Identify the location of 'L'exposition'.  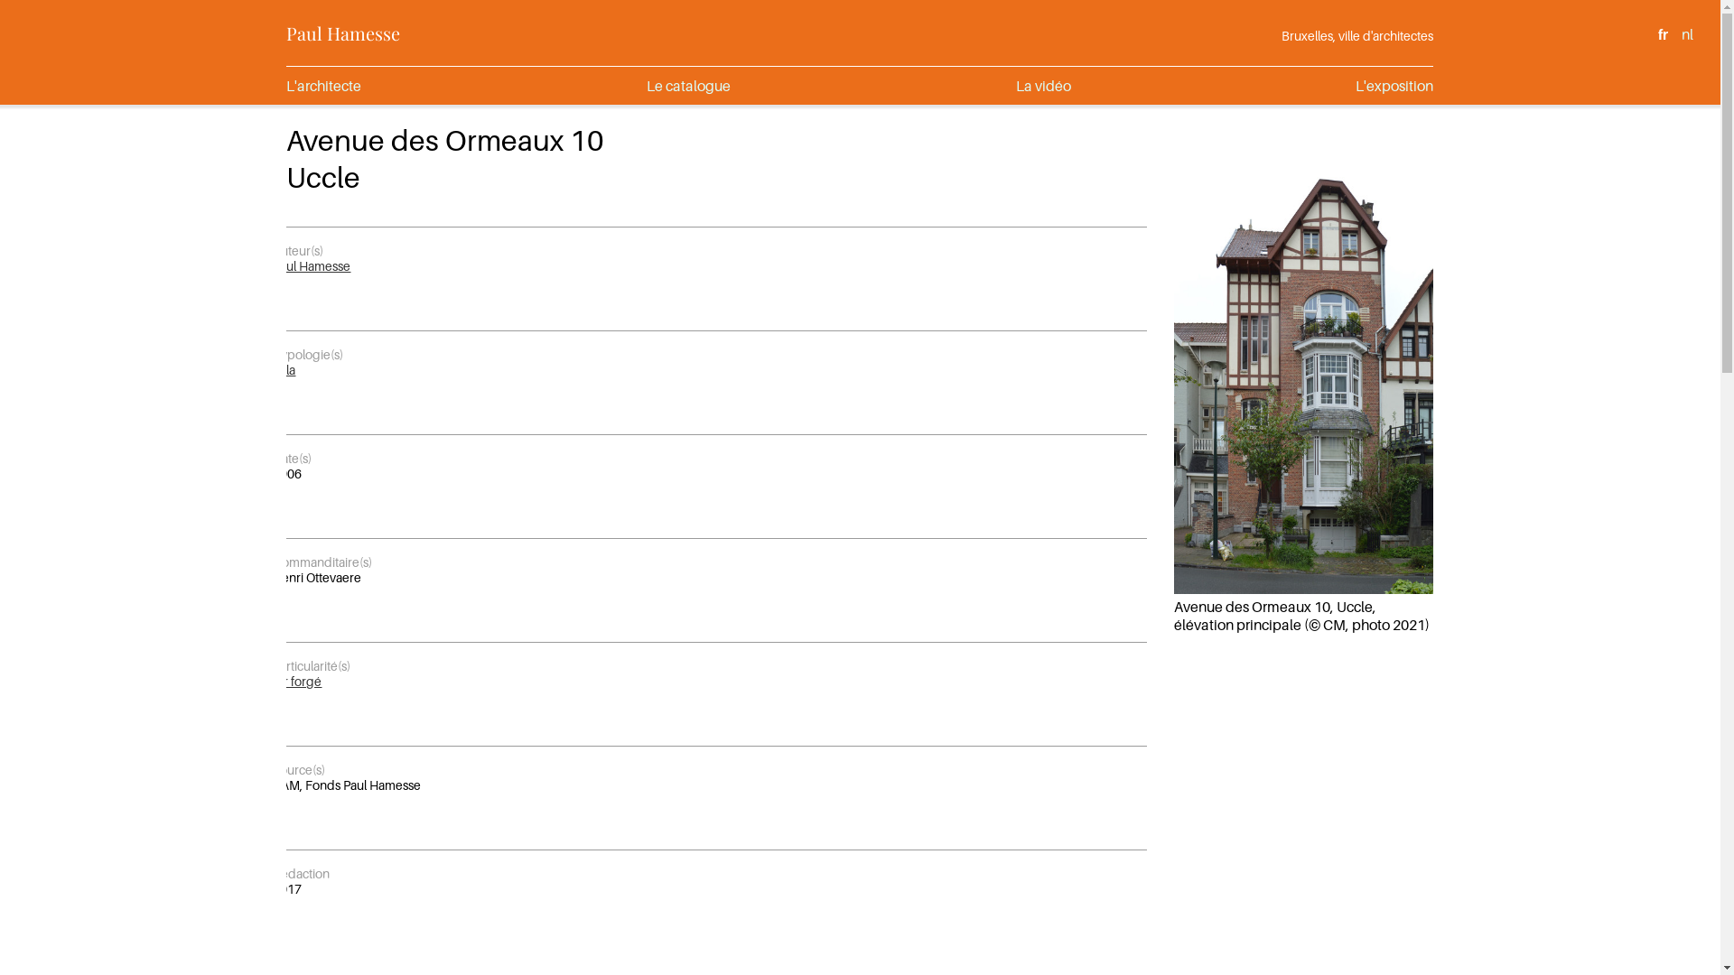
(1394, 86).